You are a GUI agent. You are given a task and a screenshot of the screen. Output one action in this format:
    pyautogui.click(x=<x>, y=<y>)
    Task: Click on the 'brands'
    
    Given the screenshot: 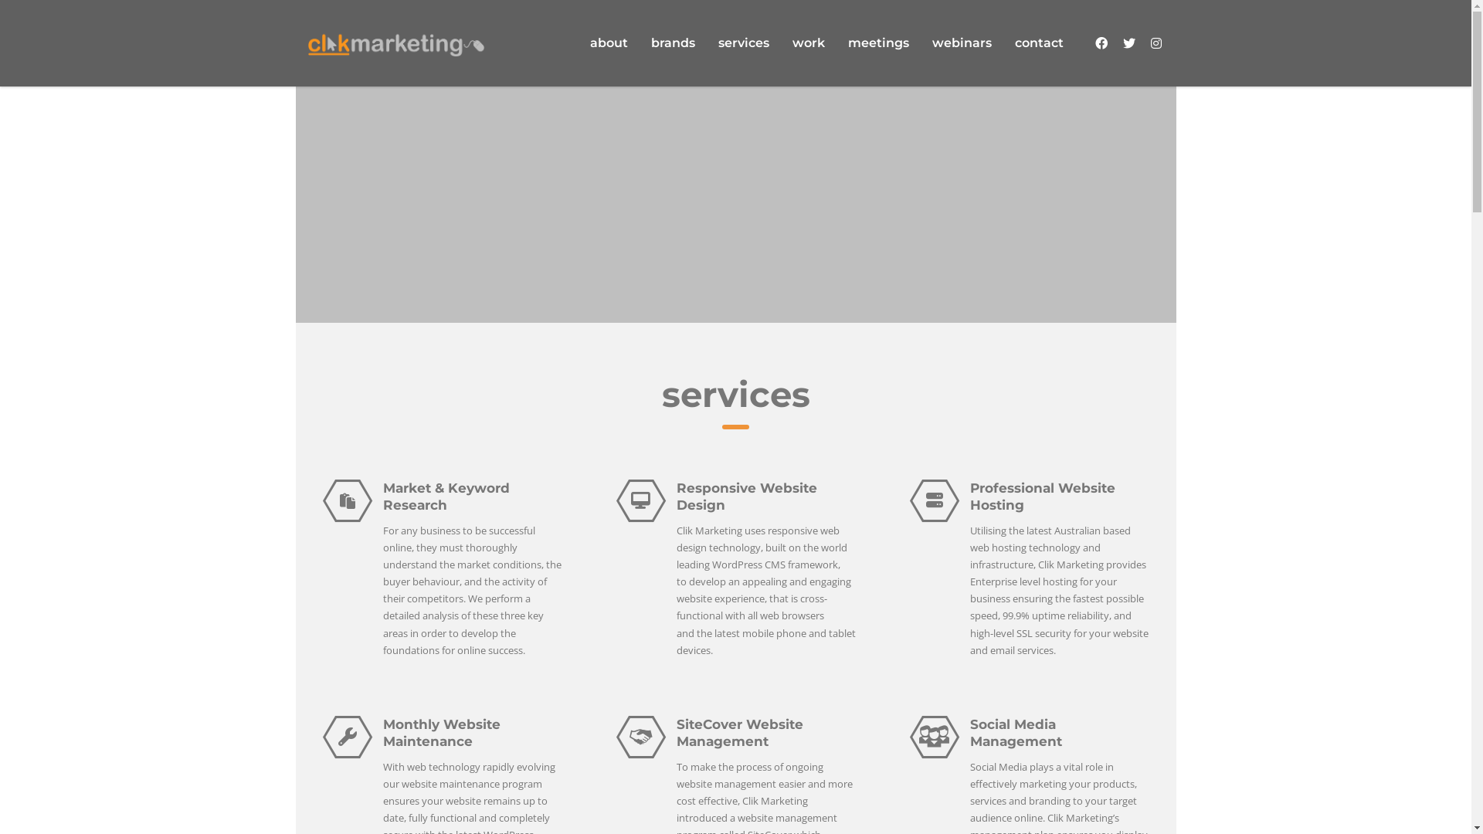 What is the action you would take?
    pyautogui.click(x=673, y=42)
    